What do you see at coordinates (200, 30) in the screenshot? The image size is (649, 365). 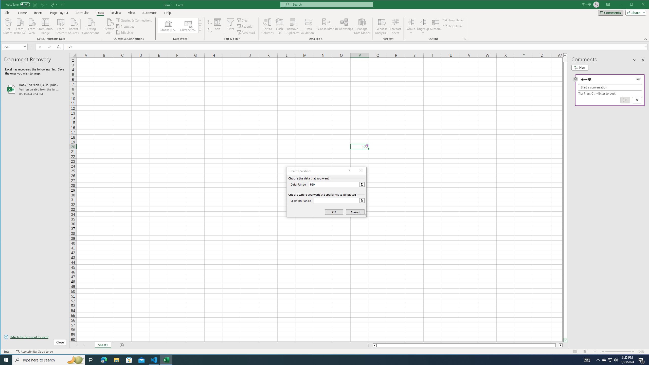 I see `'Data Types'` at bounding box center [200, 30].